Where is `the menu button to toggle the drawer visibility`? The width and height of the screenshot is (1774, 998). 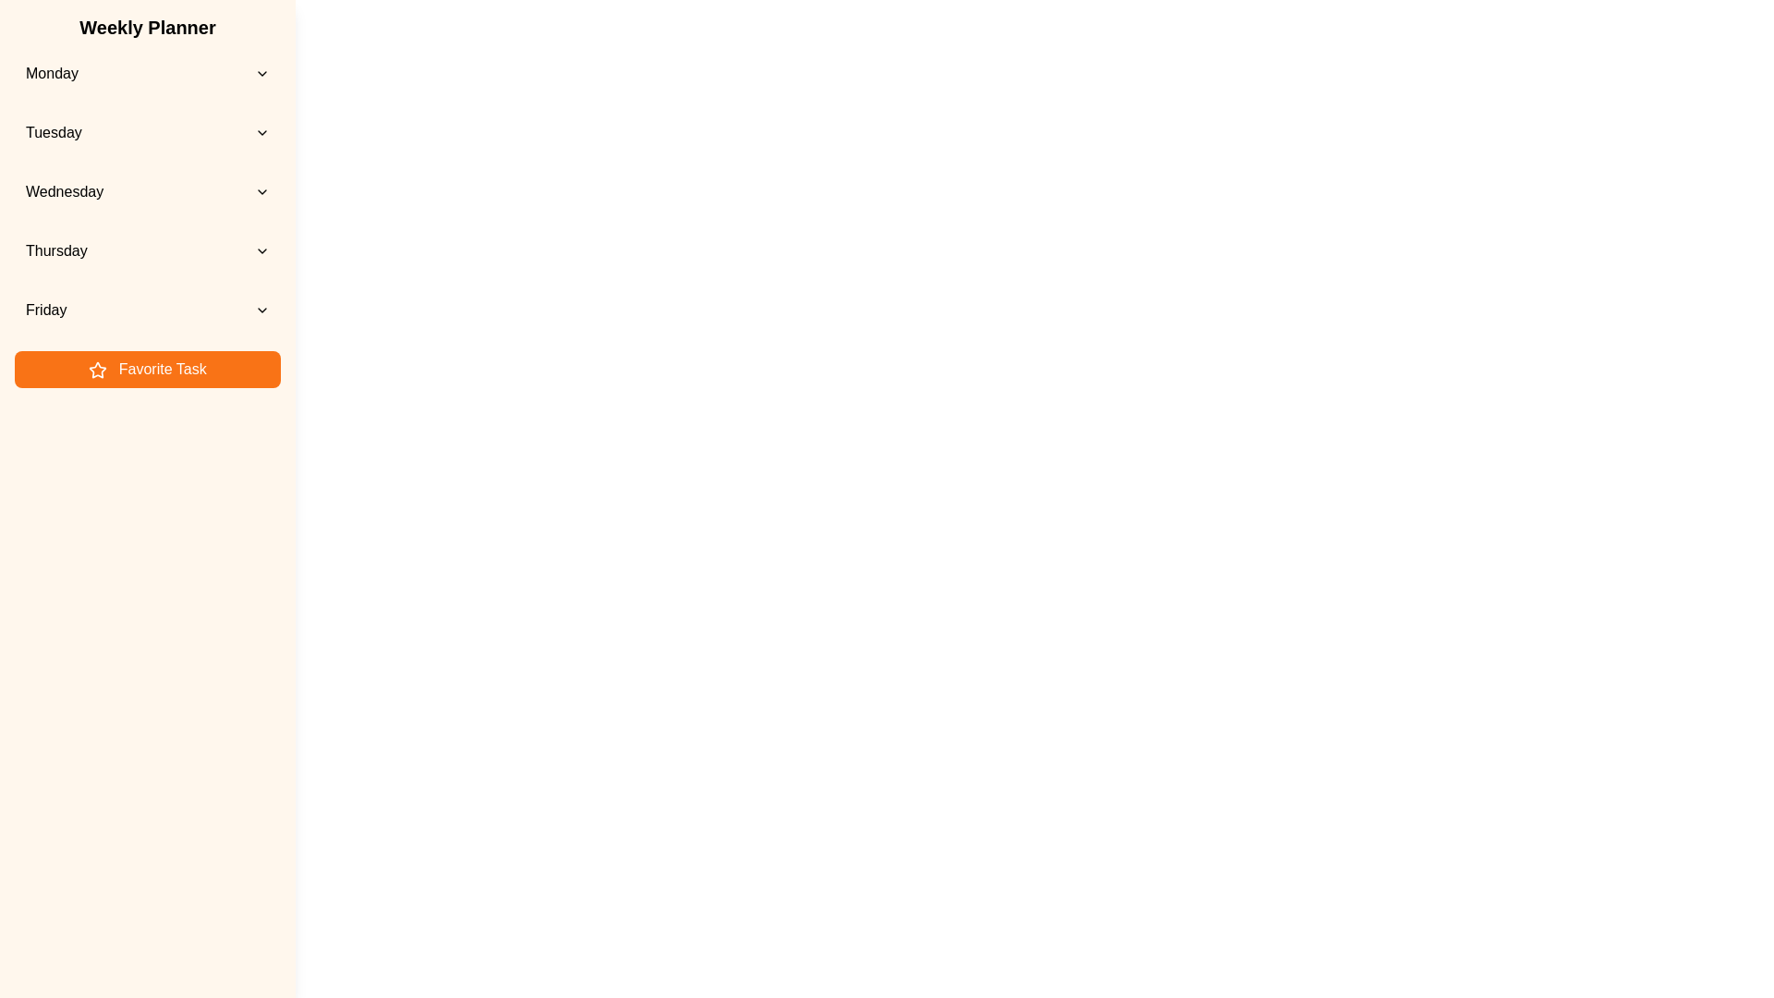 the menu button to toggle the drawer visibility is located at coordinates (35, 35).